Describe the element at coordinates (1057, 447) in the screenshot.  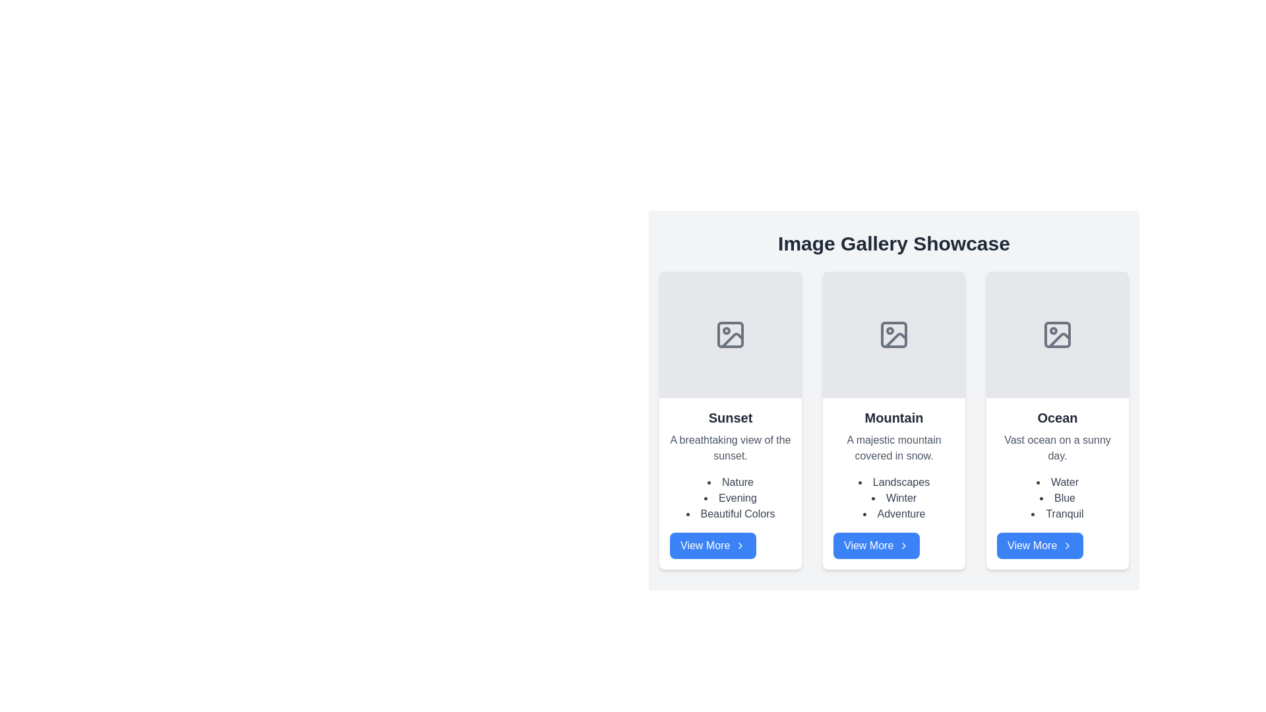
I see `the text block containing the sentence 'Vast ocean on a sunny day.' styled in gray color, located under the title 'Ocean' within a card layout` at that location.